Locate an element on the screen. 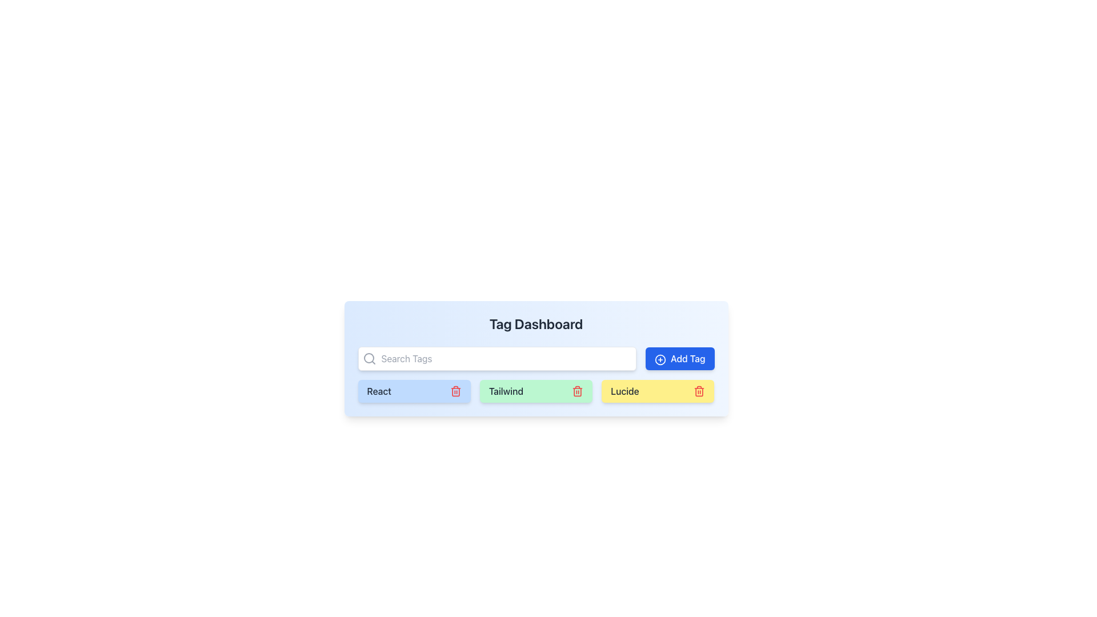 This screenshot has width=1097, height=617. the red trash can icon button located at the far right of the yellow 'Lucide' tag to receive visual feedback is located at coordinates (699, 391).